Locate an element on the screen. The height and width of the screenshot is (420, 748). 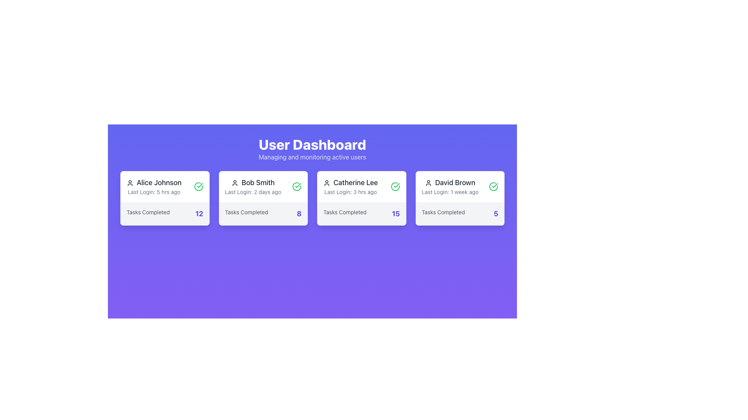
value displayed in the text element showing the number '12' in bold indigo font on the card for 'Alice Johnson' next to 'Tasks Completed' is located at coordinates (199, 214).